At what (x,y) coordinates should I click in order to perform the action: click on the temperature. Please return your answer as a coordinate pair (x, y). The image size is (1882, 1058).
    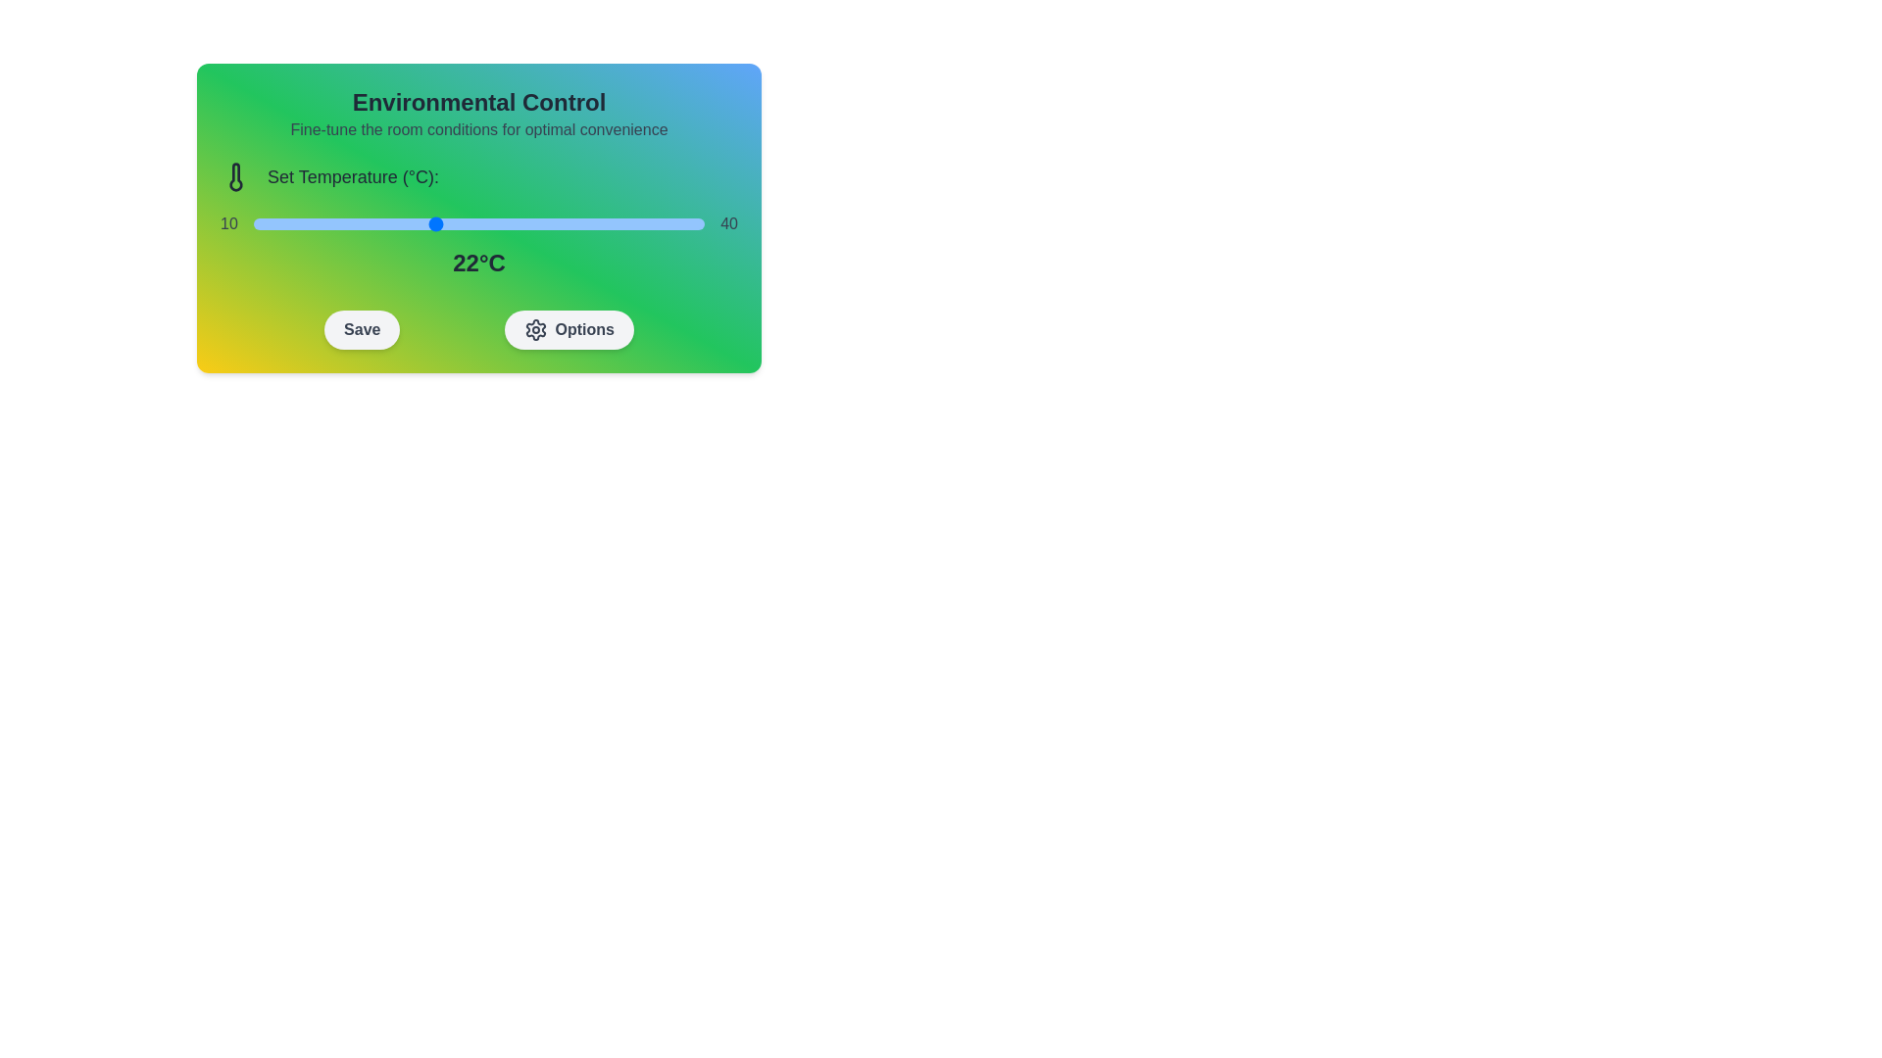
    Looking at the image, I should click on (479, 222).